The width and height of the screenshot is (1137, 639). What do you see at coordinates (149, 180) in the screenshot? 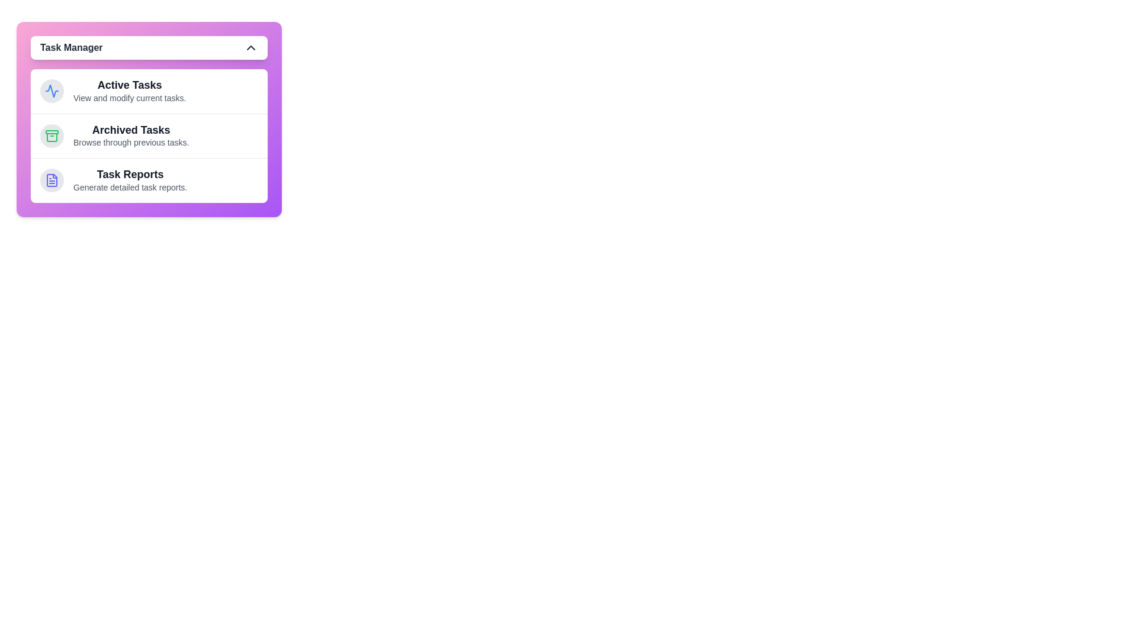
I see `the task section Task Reports to highlight it` at bounding box center [149, 180].